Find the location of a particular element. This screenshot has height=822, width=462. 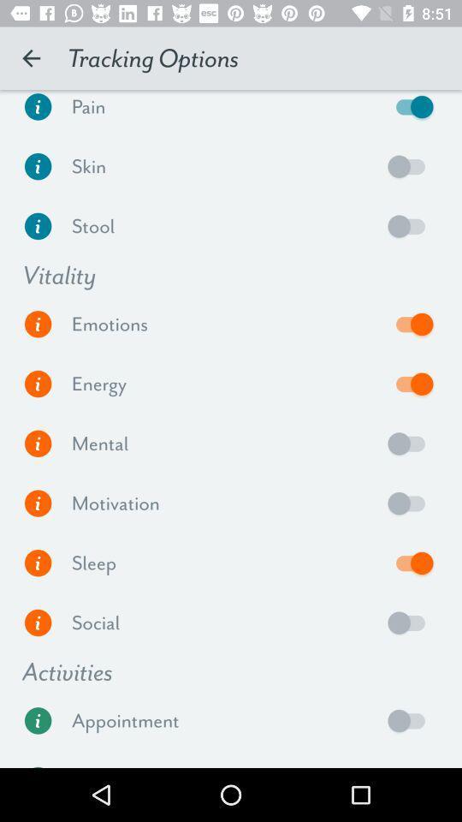

more information is located at coordinates (38, 323).